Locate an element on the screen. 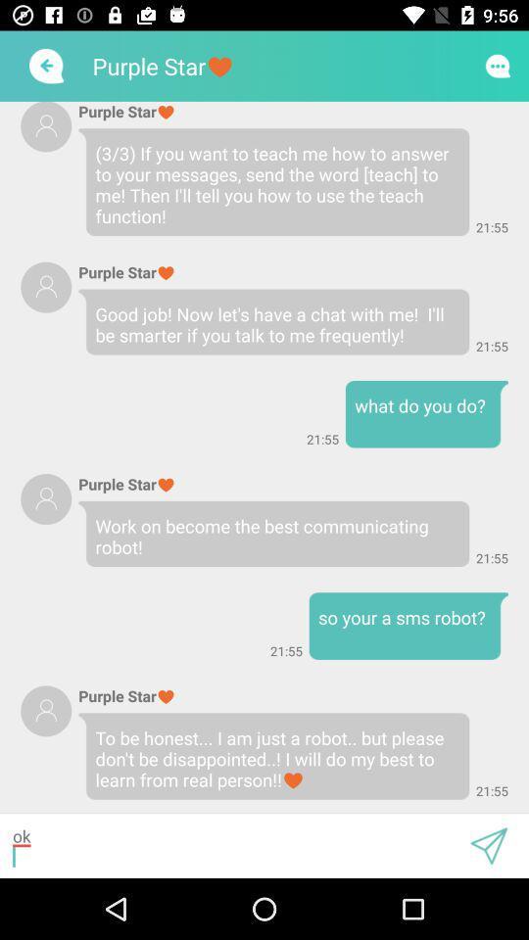 This screenshot has width=529, height=940. attachment and map option is located at coordinates (488, 845).